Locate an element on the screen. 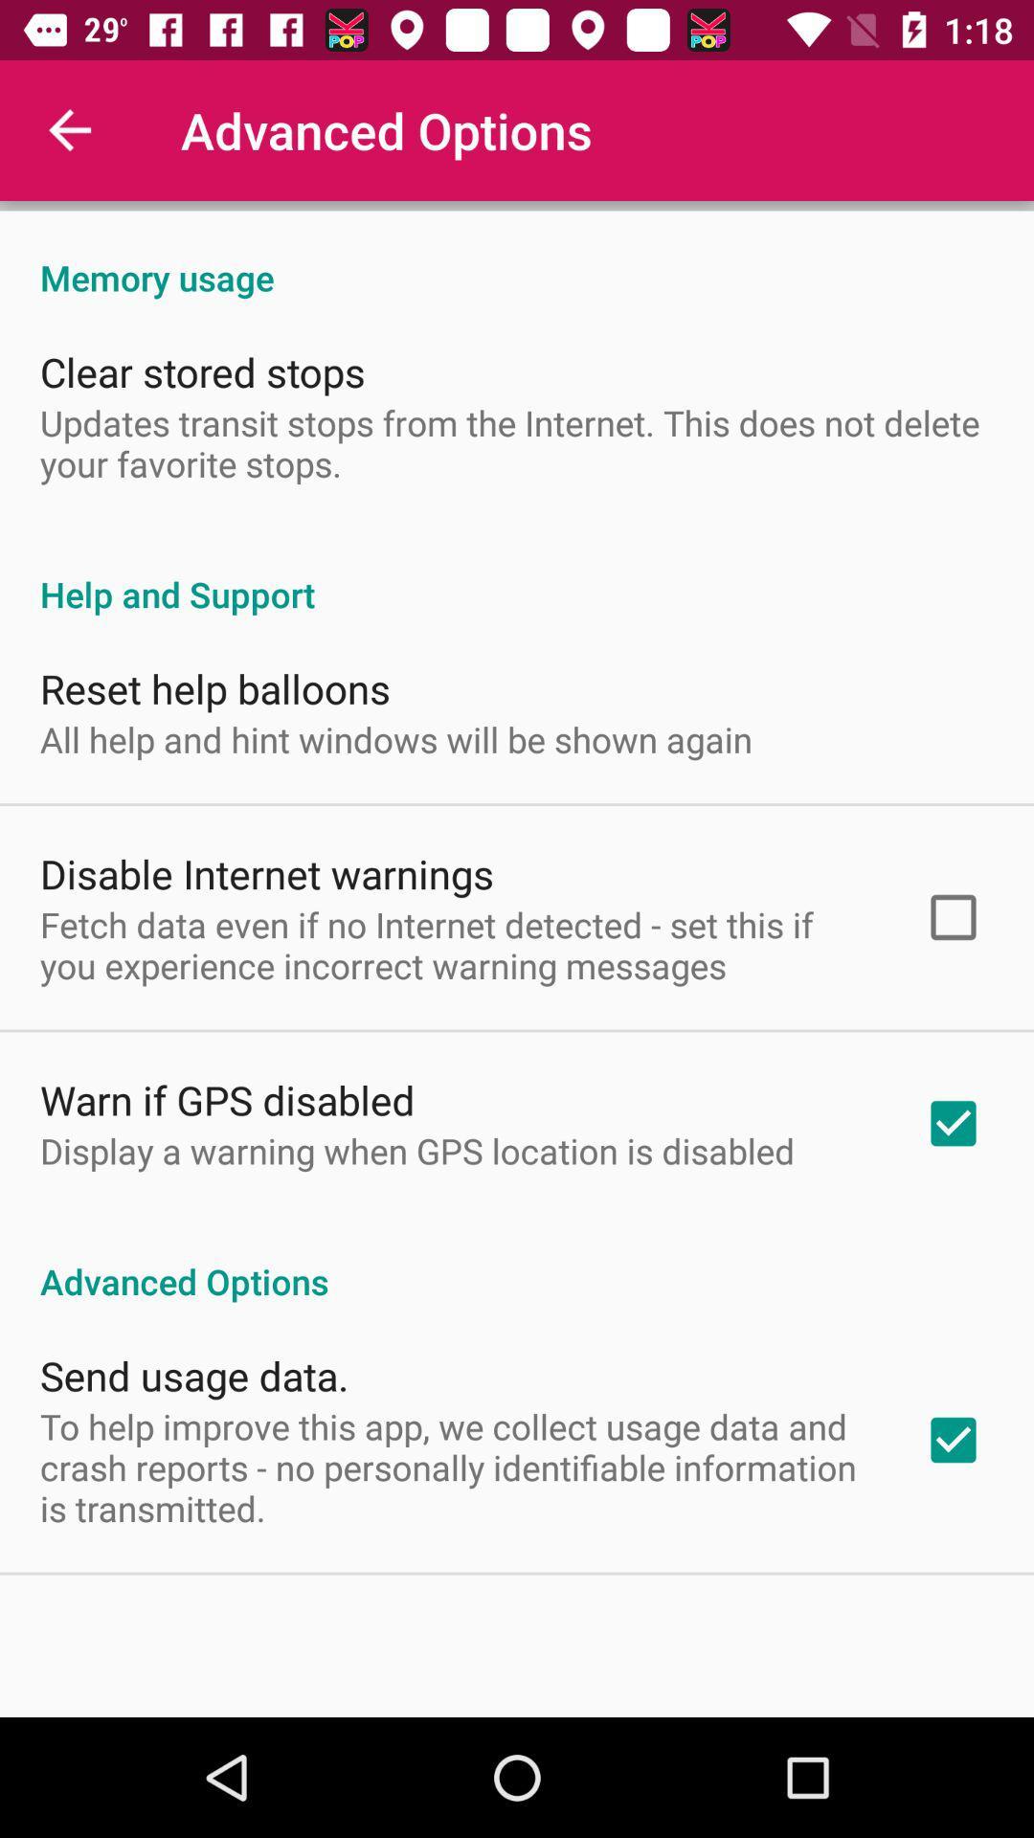 This screenshot has height=1838, width=1034. the icon below the send usage data. icon is located at coordinates (457, 1466).